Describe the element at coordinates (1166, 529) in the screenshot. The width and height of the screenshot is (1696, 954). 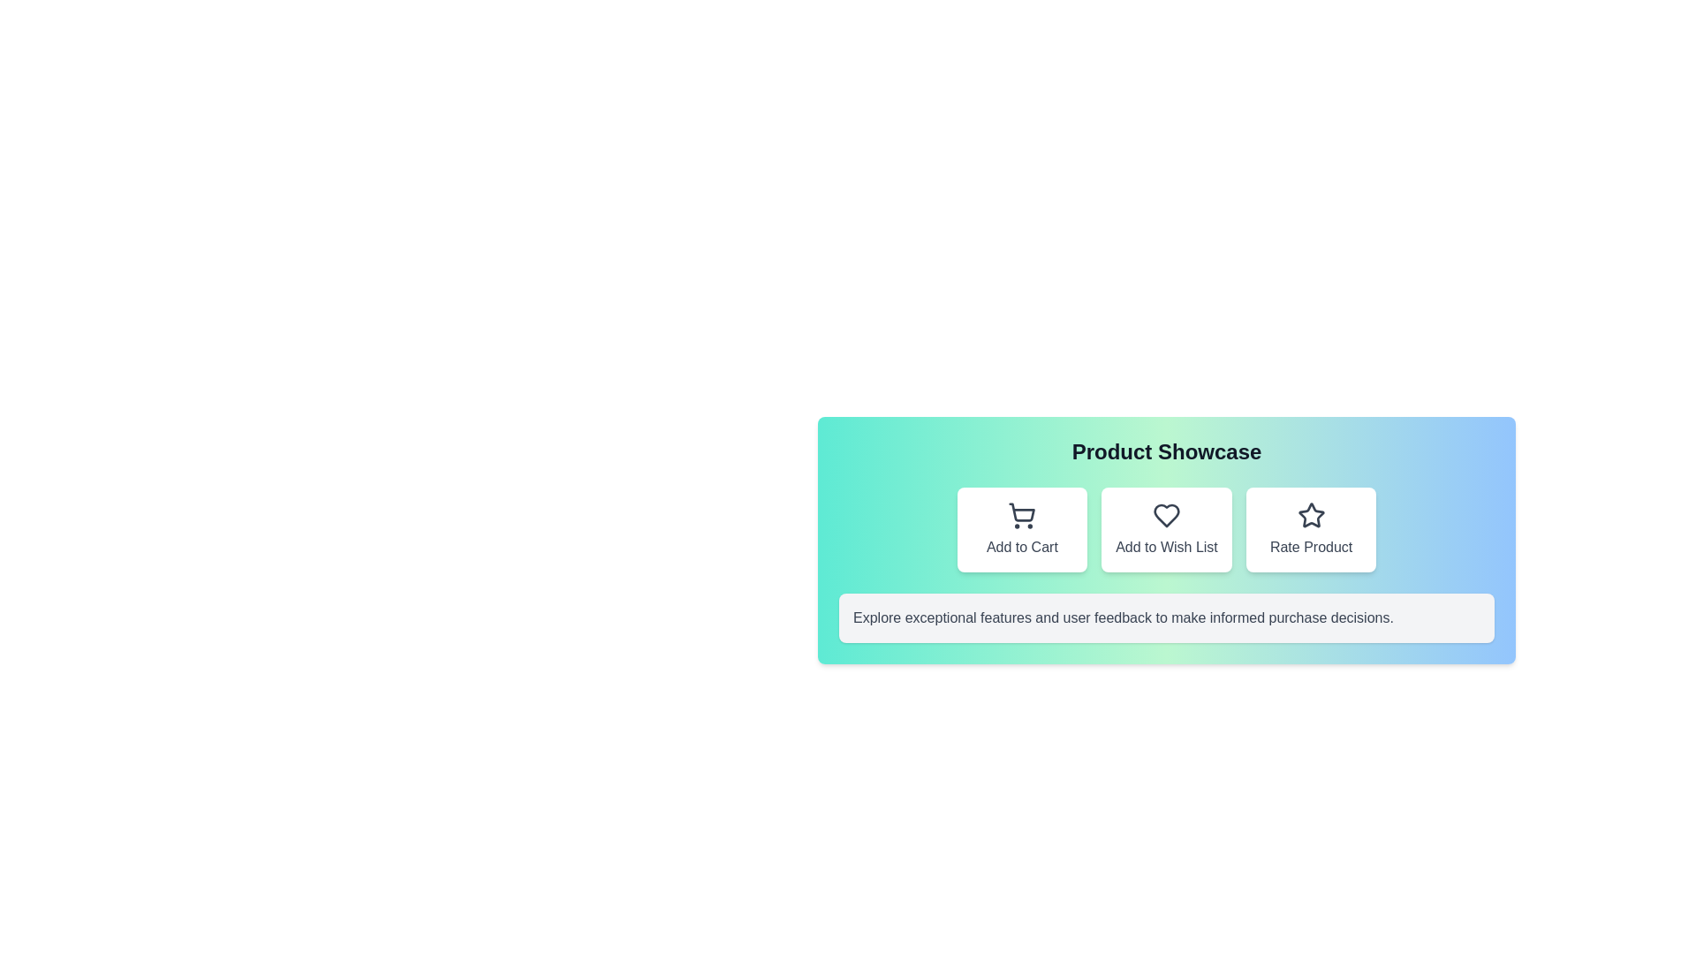
I see `the 'Add to Wish List' button, which is a rectangular button with a white background and a heart icon above the text` at that location.